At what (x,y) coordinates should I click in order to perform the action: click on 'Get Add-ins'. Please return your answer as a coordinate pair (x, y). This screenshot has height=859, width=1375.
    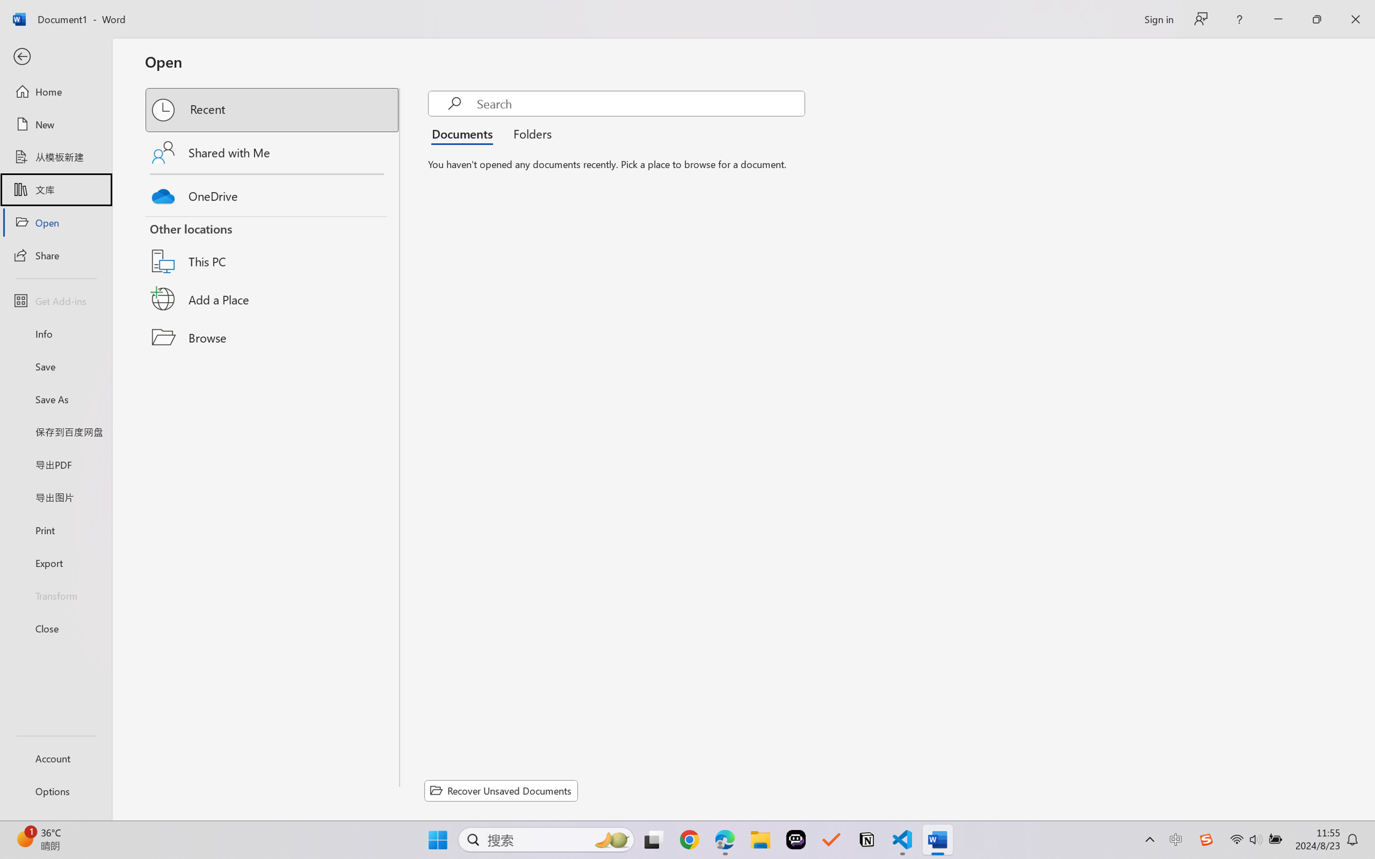
    Looking at the image, I should click on (55, 300).